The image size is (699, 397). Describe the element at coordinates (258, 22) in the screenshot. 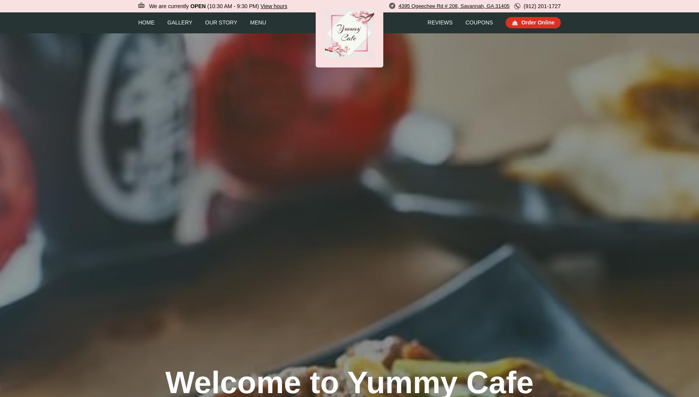

I see `'Menu'` at that location.